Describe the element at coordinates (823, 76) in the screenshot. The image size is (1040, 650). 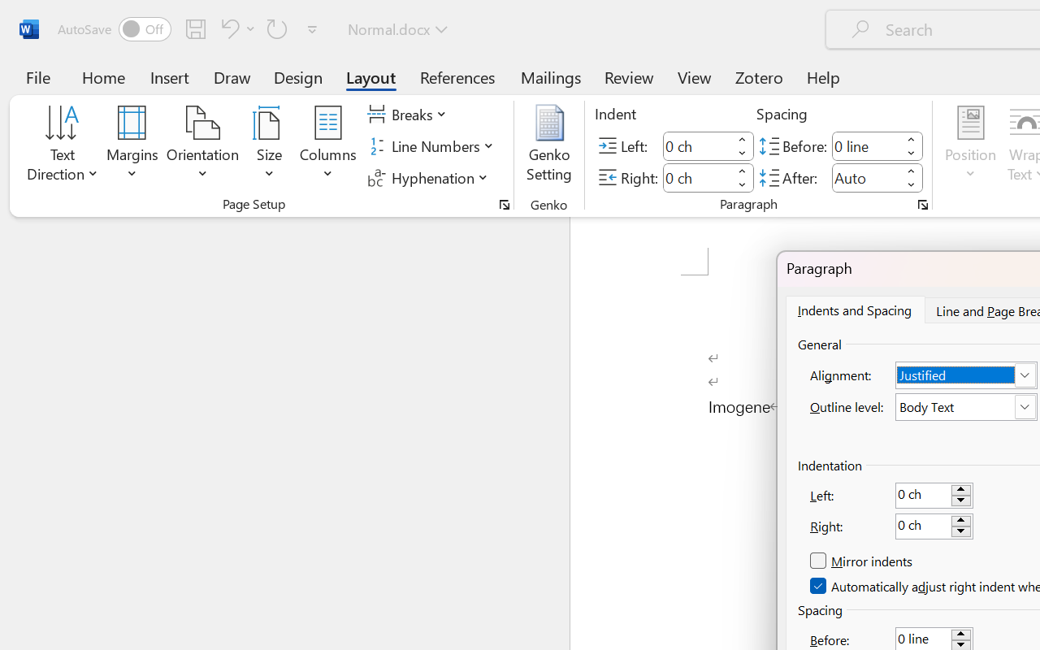
I see `'Help'` at that location.